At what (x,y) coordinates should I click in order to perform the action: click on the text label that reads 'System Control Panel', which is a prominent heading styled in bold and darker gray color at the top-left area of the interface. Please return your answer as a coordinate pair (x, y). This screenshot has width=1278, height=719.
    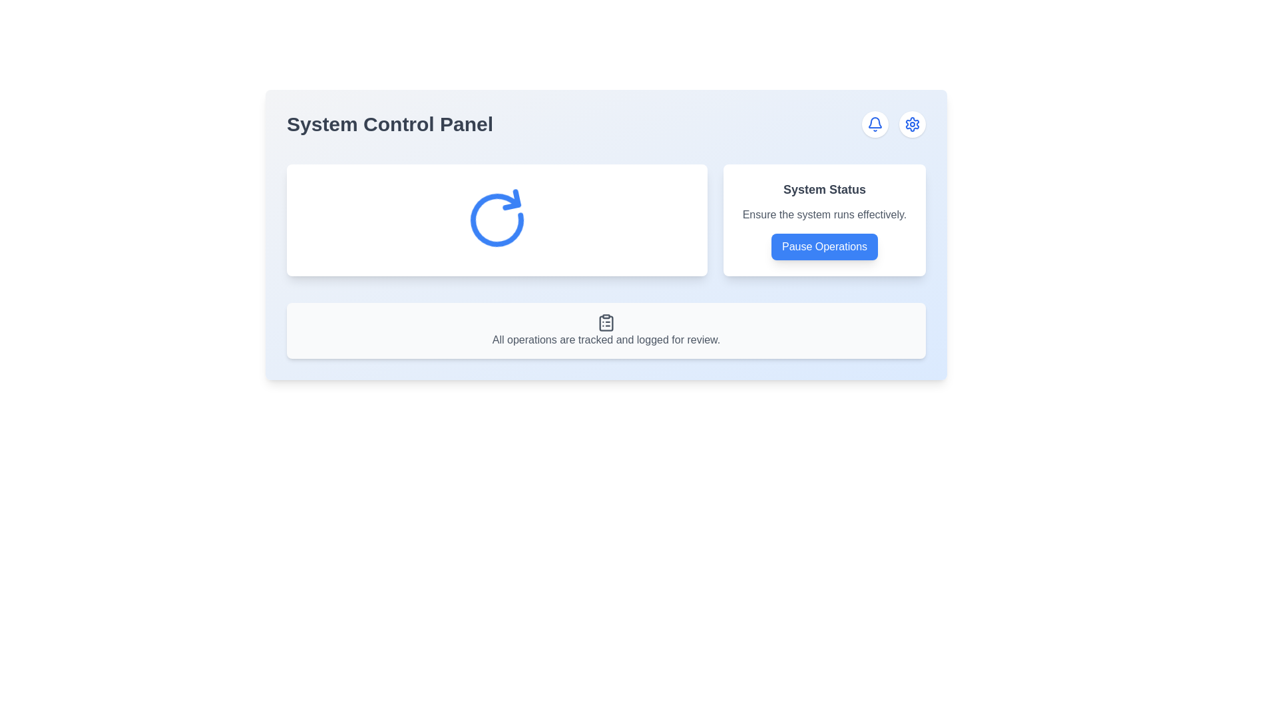
    Looking at the image, I should click on (389, 124).